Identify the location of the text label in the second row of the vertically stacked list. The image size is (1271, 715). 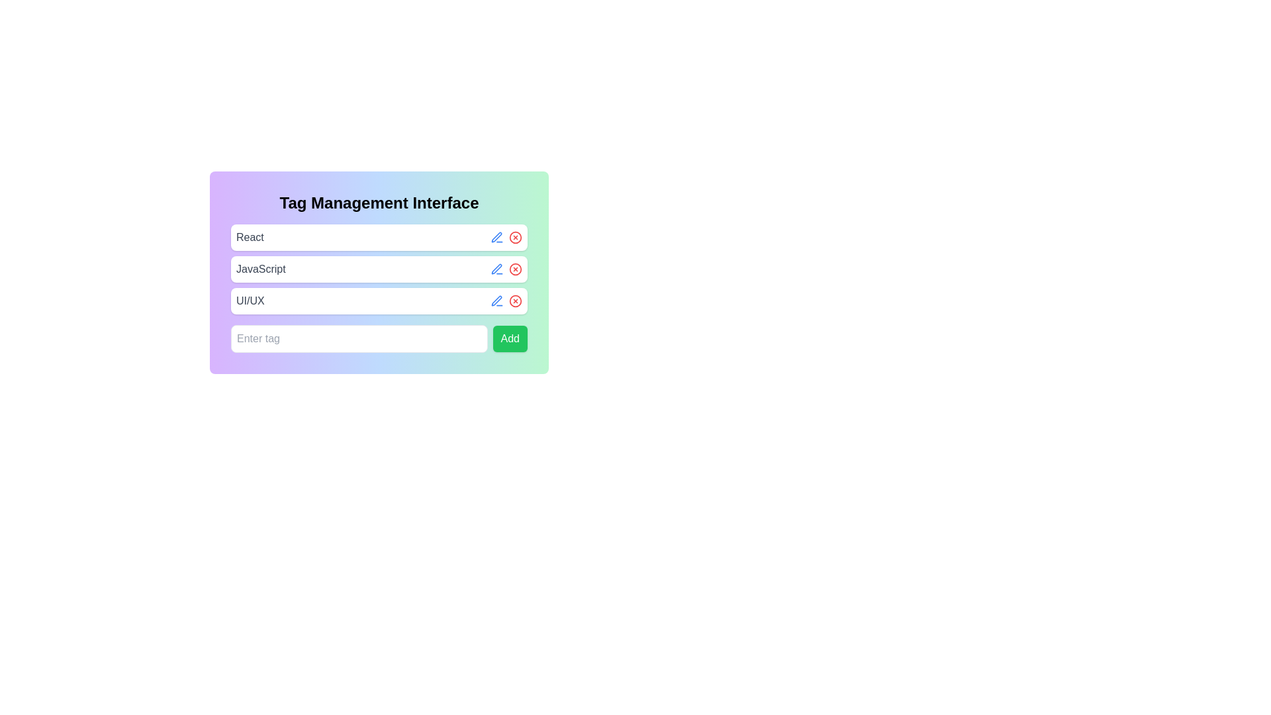
(261, 269).